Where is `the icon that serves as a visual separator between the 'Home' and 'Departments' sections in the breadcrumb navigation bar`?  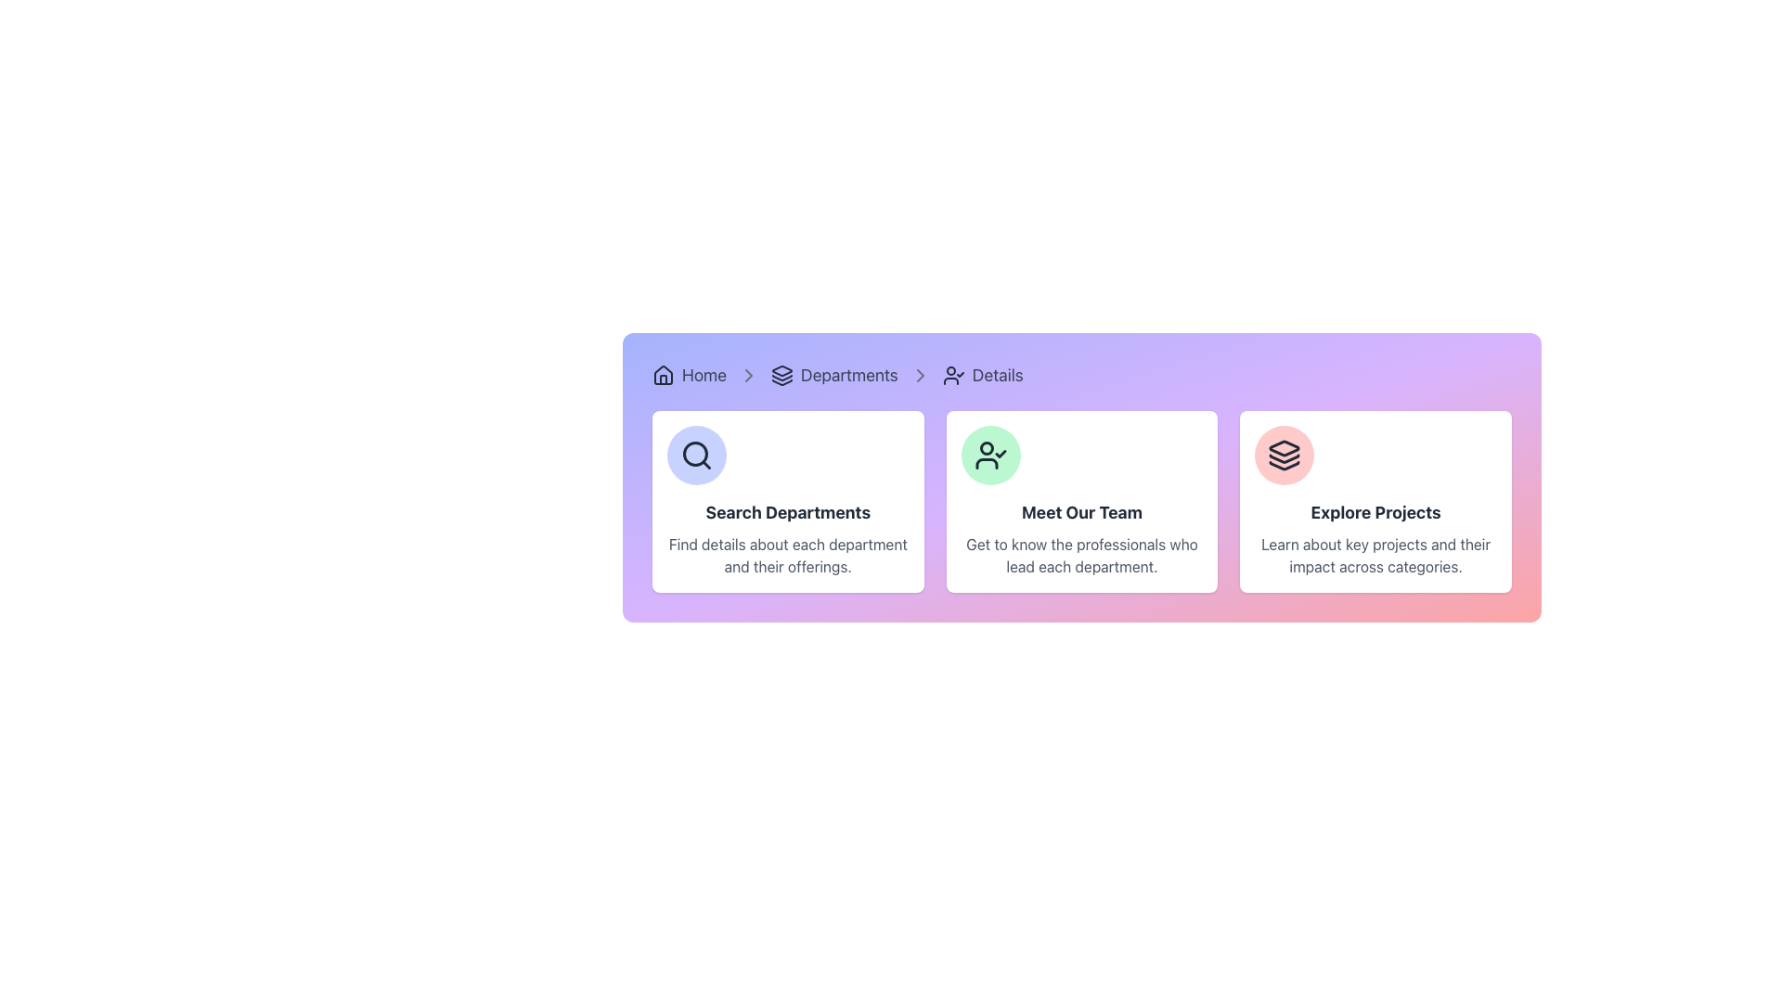 the icon that serves as a visual separator between the 'Home' and 'Departments' sections in the breadcrumb navigation bar is located at coordinates (748, 376).